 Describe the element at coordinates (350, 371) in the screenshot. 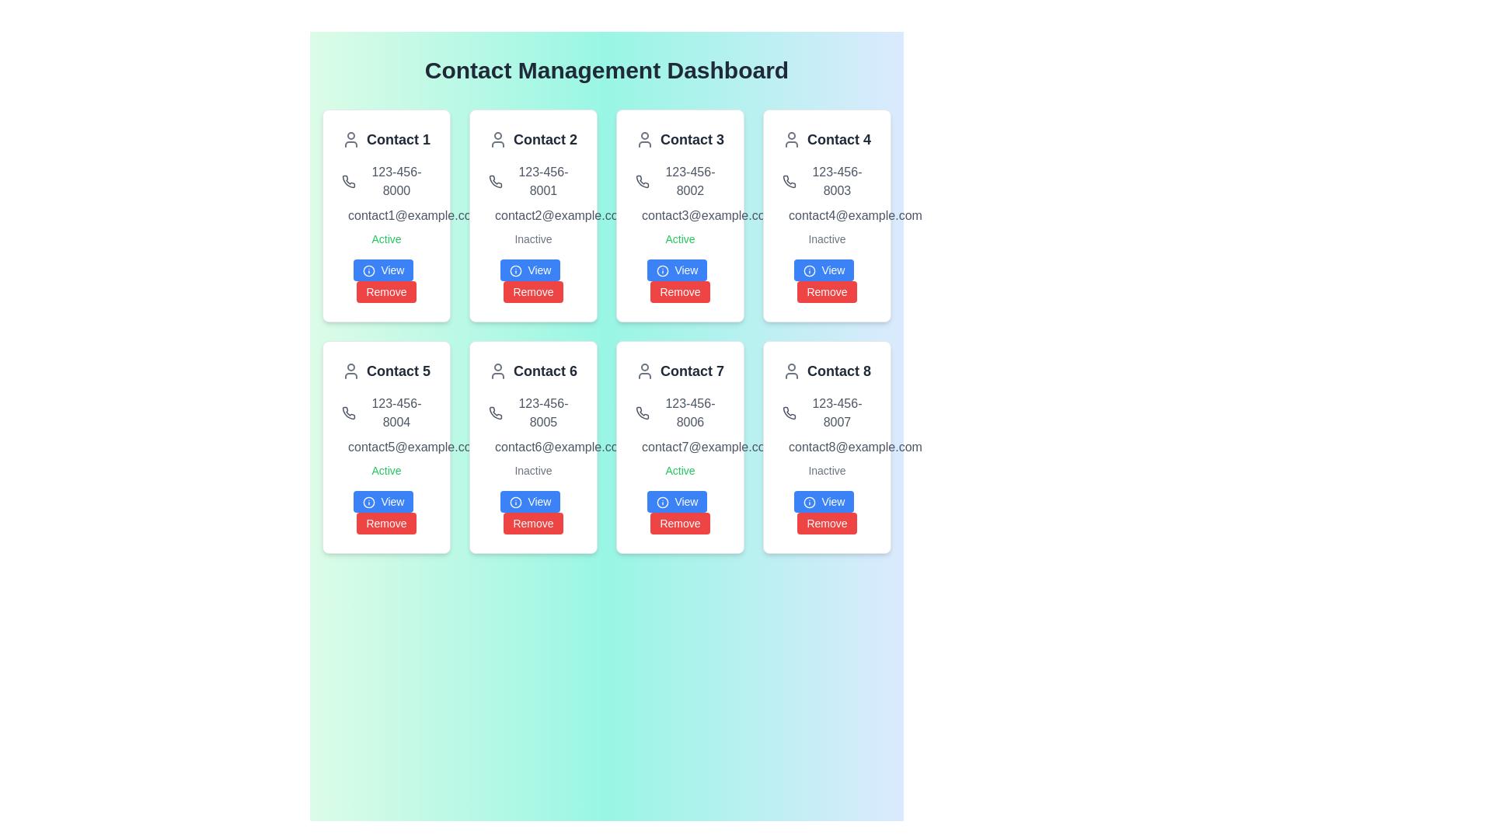

I see `the user icon vector graphic located at the top left of the 'Contact 5' card in the contact management dashboard` at that location.